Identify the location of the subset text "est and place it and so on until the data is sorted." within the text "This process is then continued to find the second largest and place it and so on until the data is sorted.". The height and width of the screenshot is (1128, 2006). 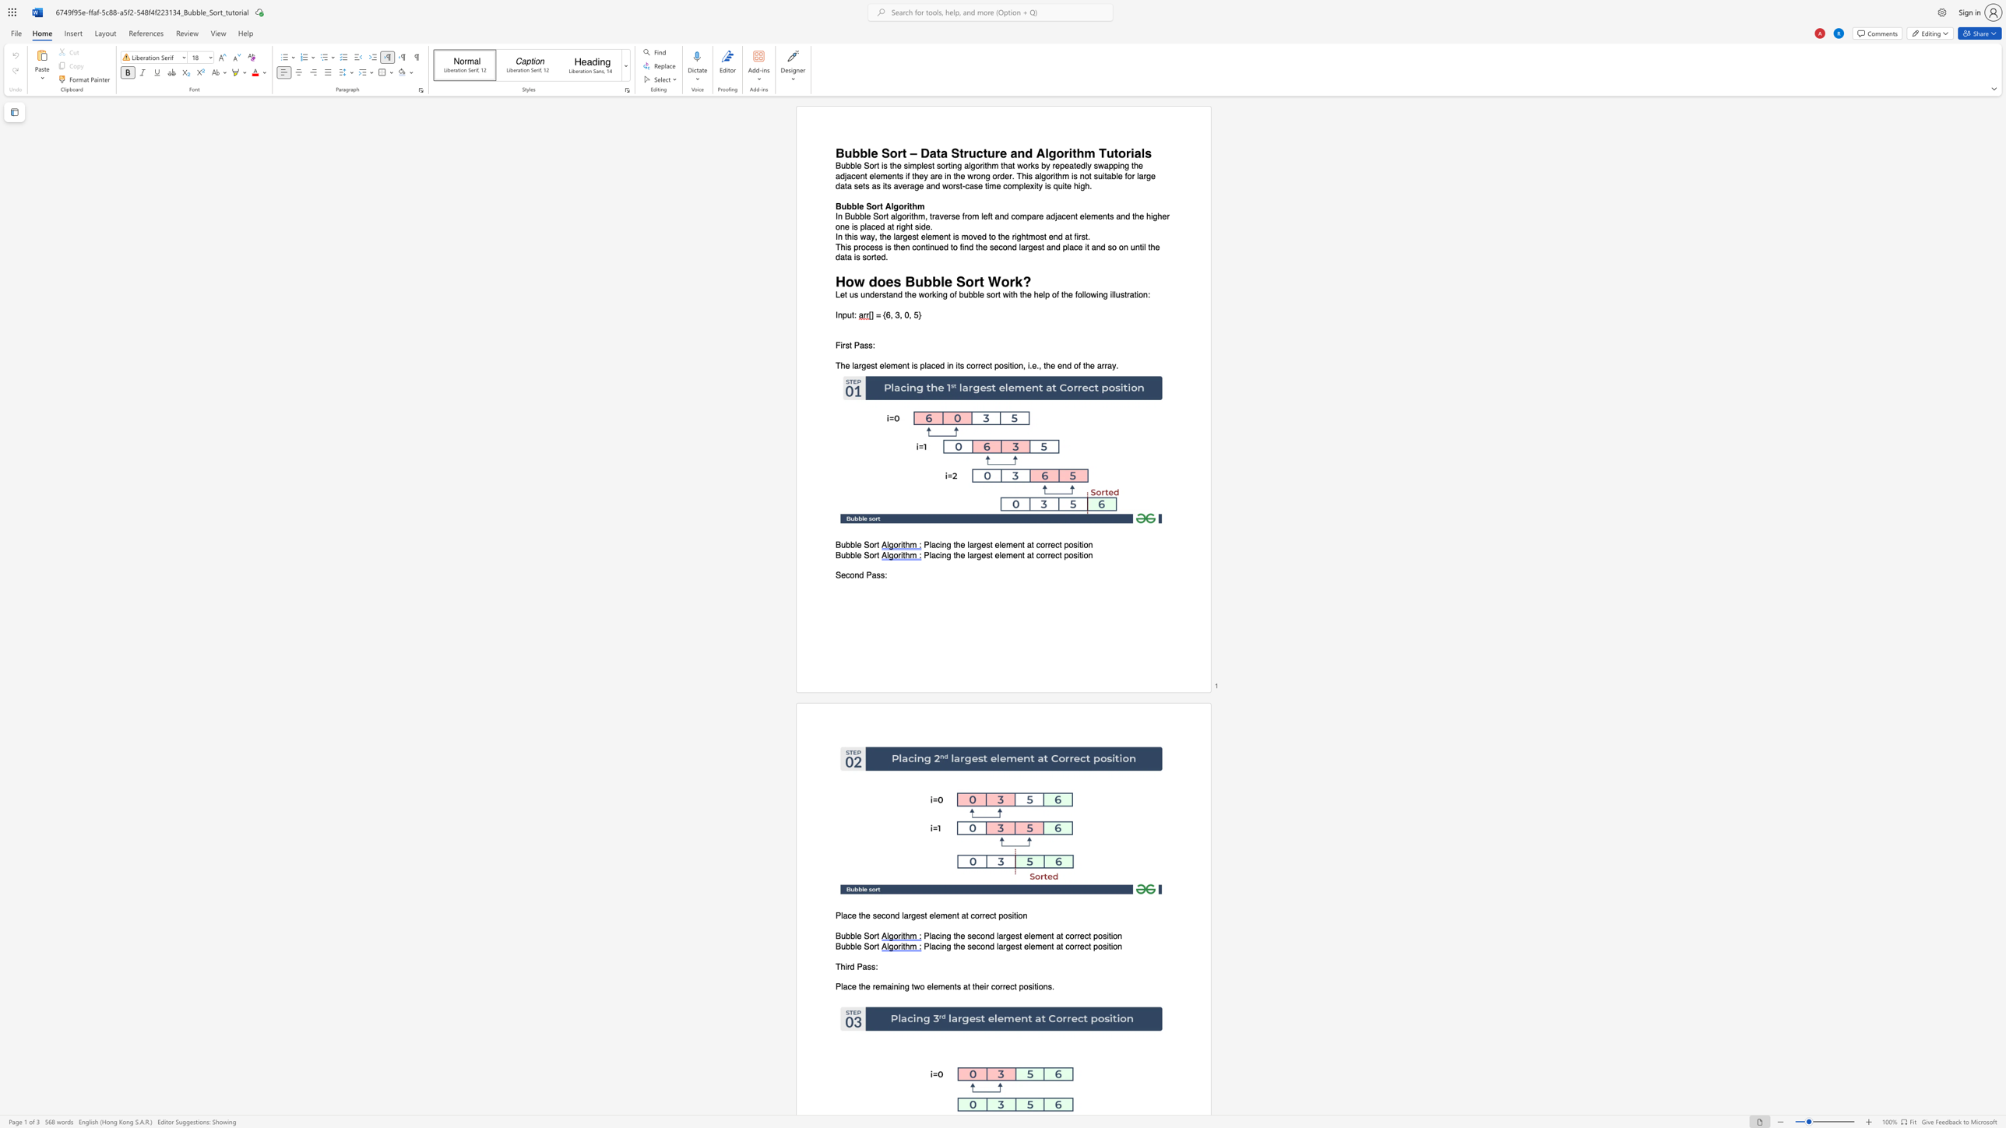
(1033, 246).